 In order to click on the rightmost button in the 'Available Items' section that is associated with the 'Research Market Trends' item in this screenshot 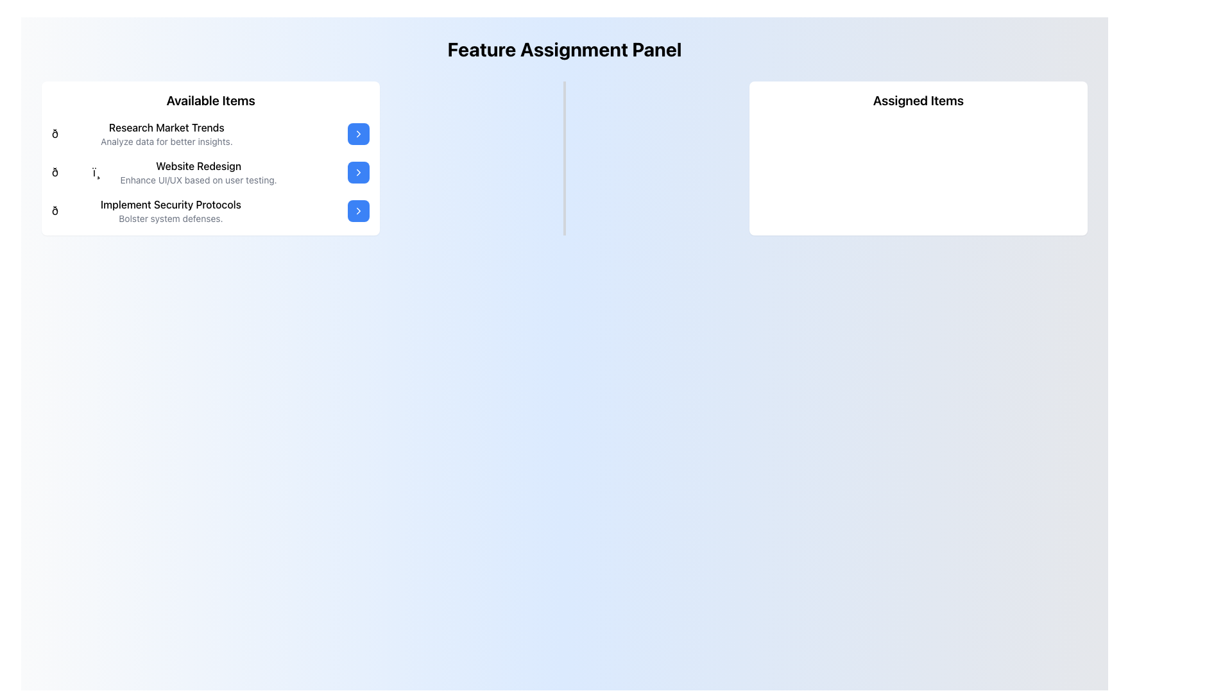, I will do `click(359, 133)`.